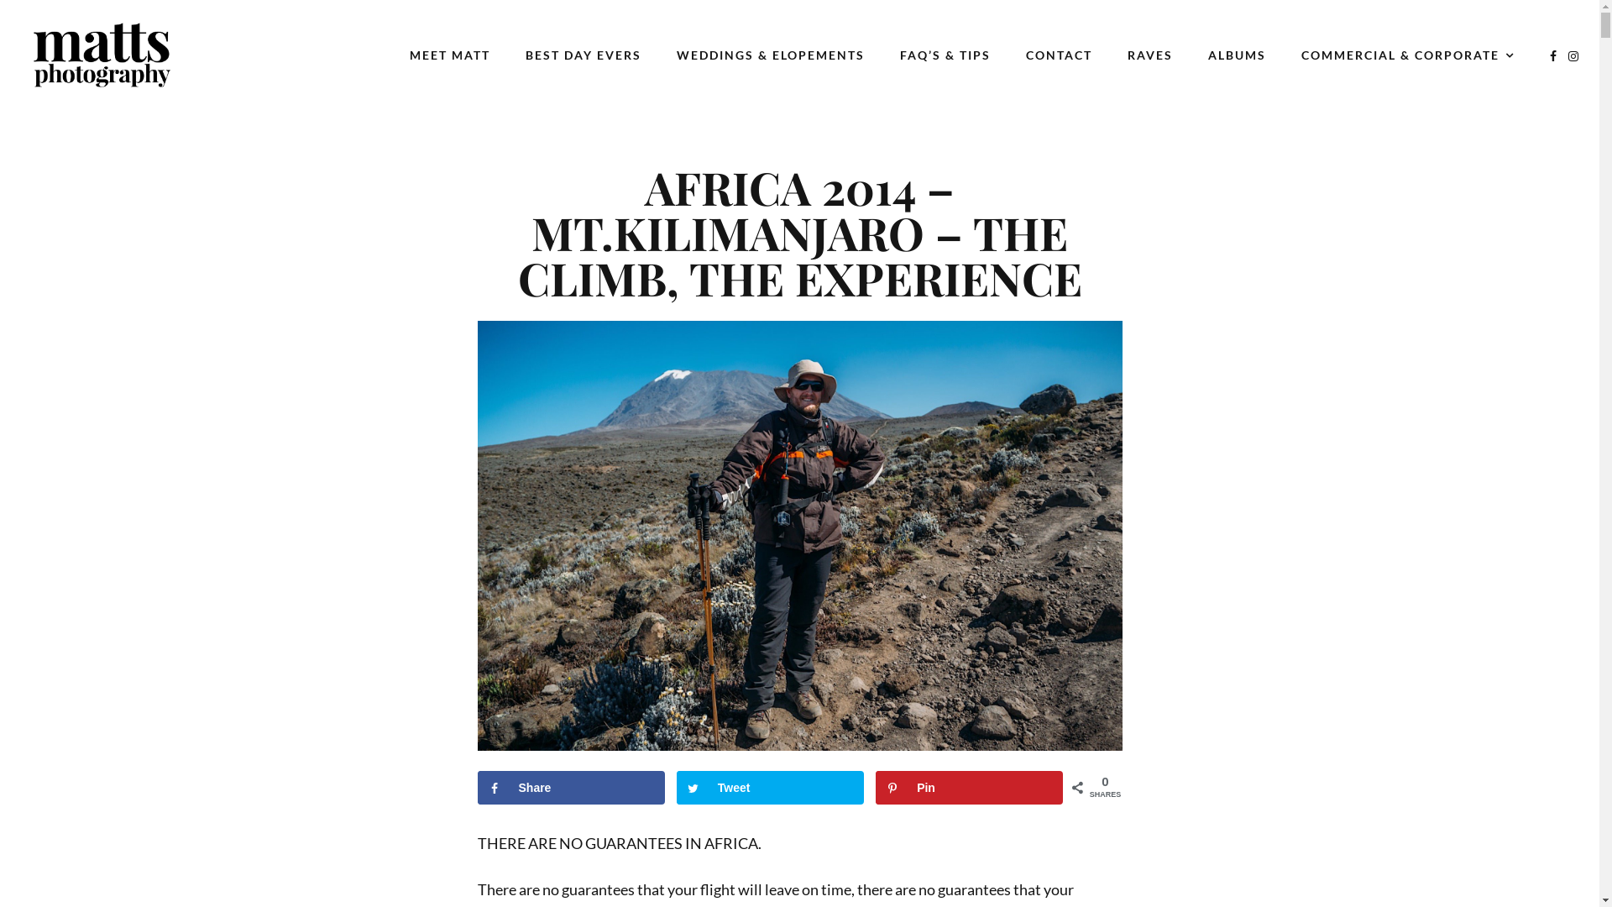 The image size is (1612, 907). I want to click on 'MEET MATT', so click(450, 54).